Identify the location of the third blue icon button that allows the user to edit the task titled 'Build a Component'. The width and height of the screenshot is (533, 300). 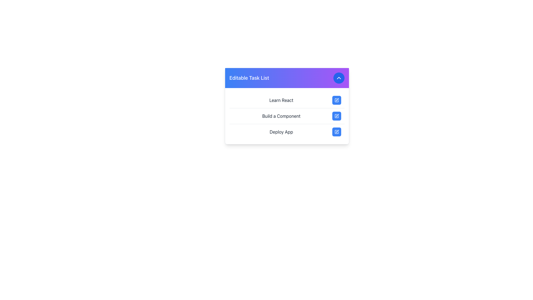
(336, 116).